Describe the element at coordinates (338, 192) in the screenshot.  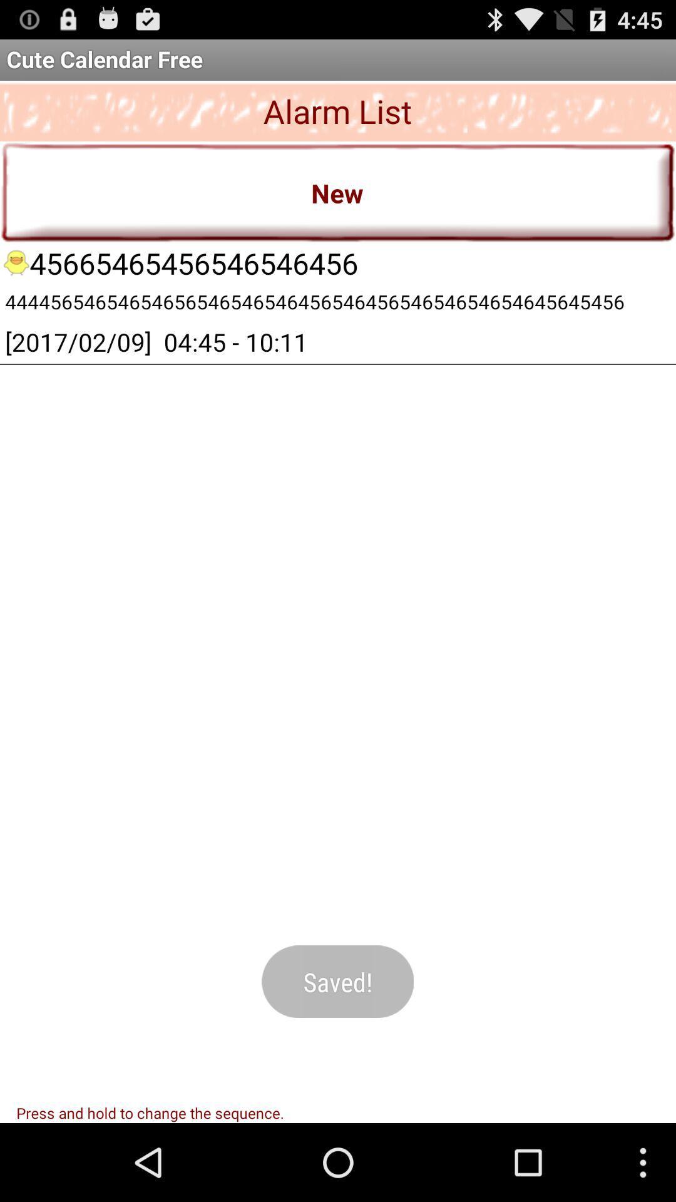
I see `the app below alarm list icon` at that location.